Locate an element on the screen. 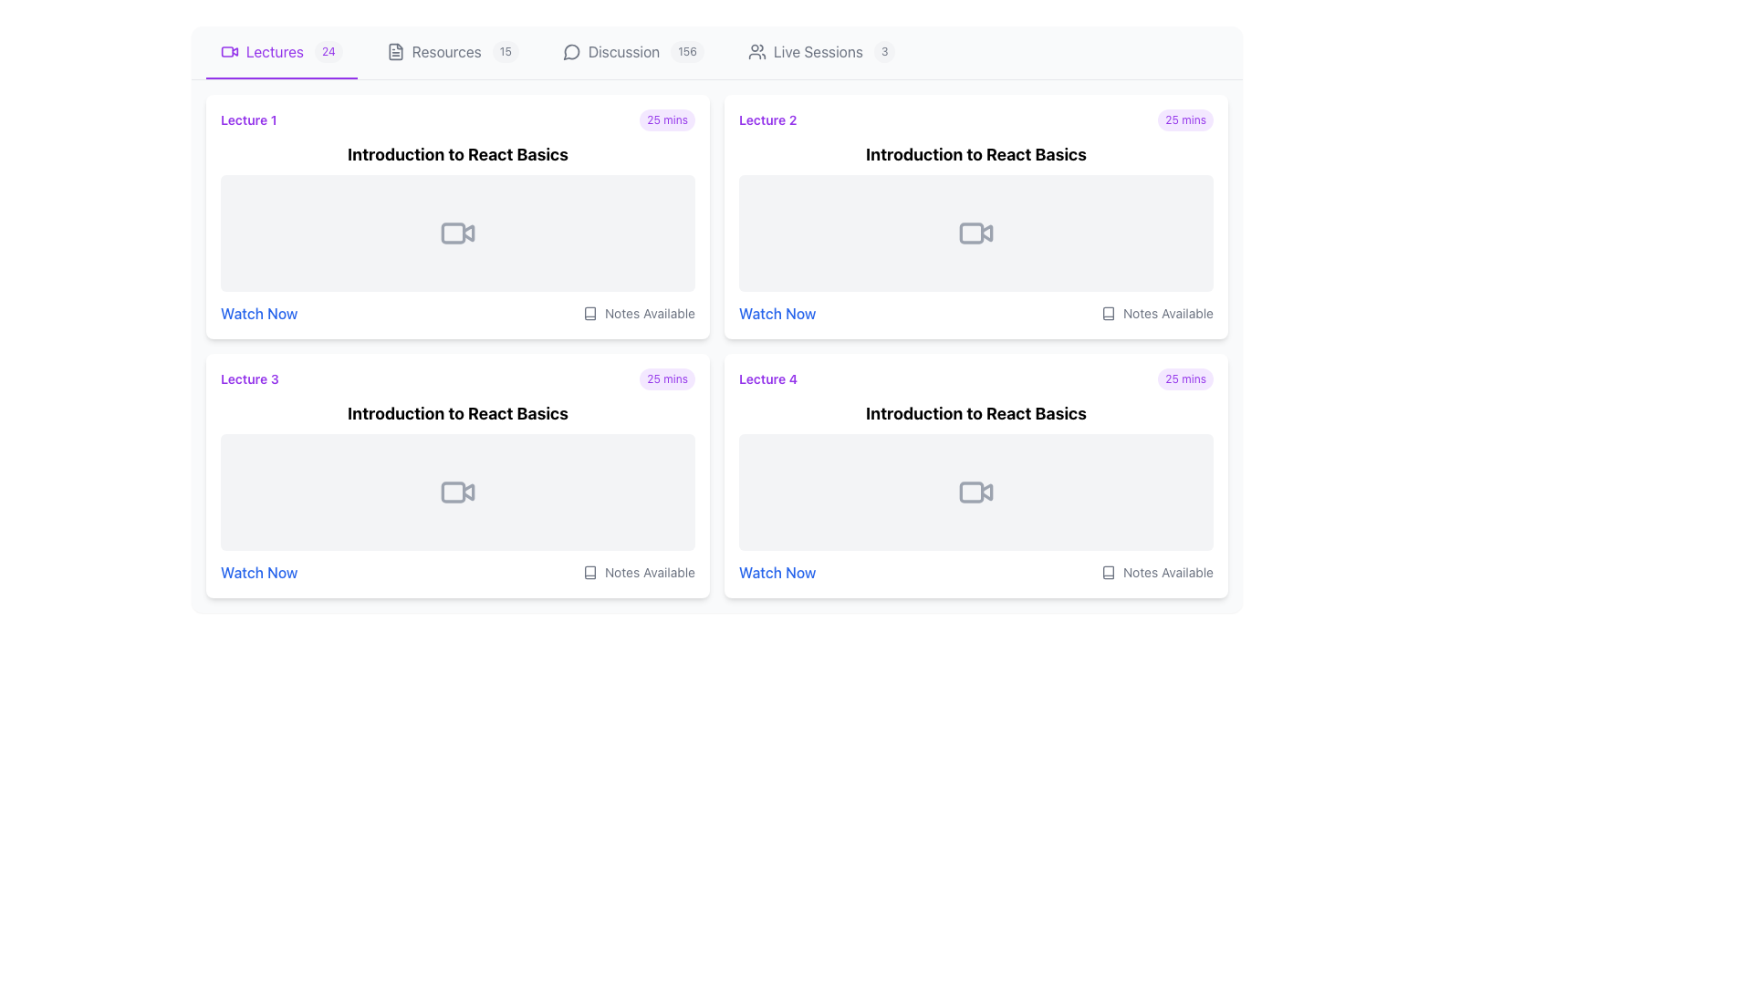 The height and width of the screenshot is (985, 1752). the small rectangular gray icon component located in the lower-right video thumbnail for Lecture 4 is located at coordinates (971, 493).